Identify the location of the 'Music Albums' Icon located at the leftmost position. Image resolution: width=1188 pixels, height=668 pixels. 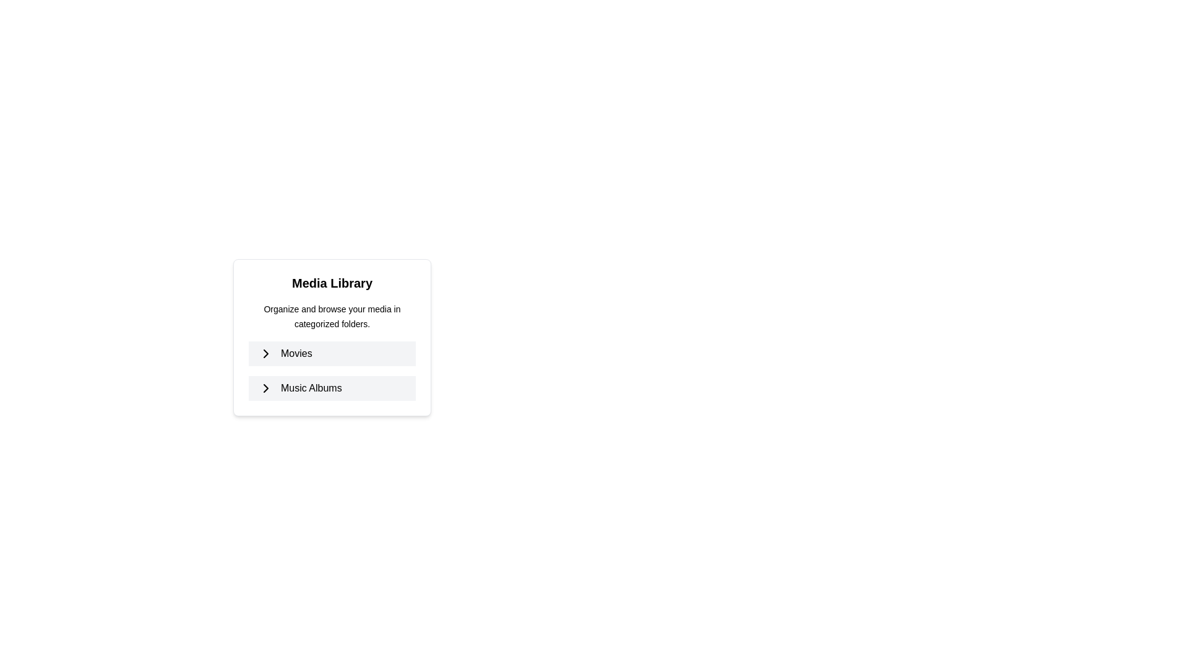
(265, 388).